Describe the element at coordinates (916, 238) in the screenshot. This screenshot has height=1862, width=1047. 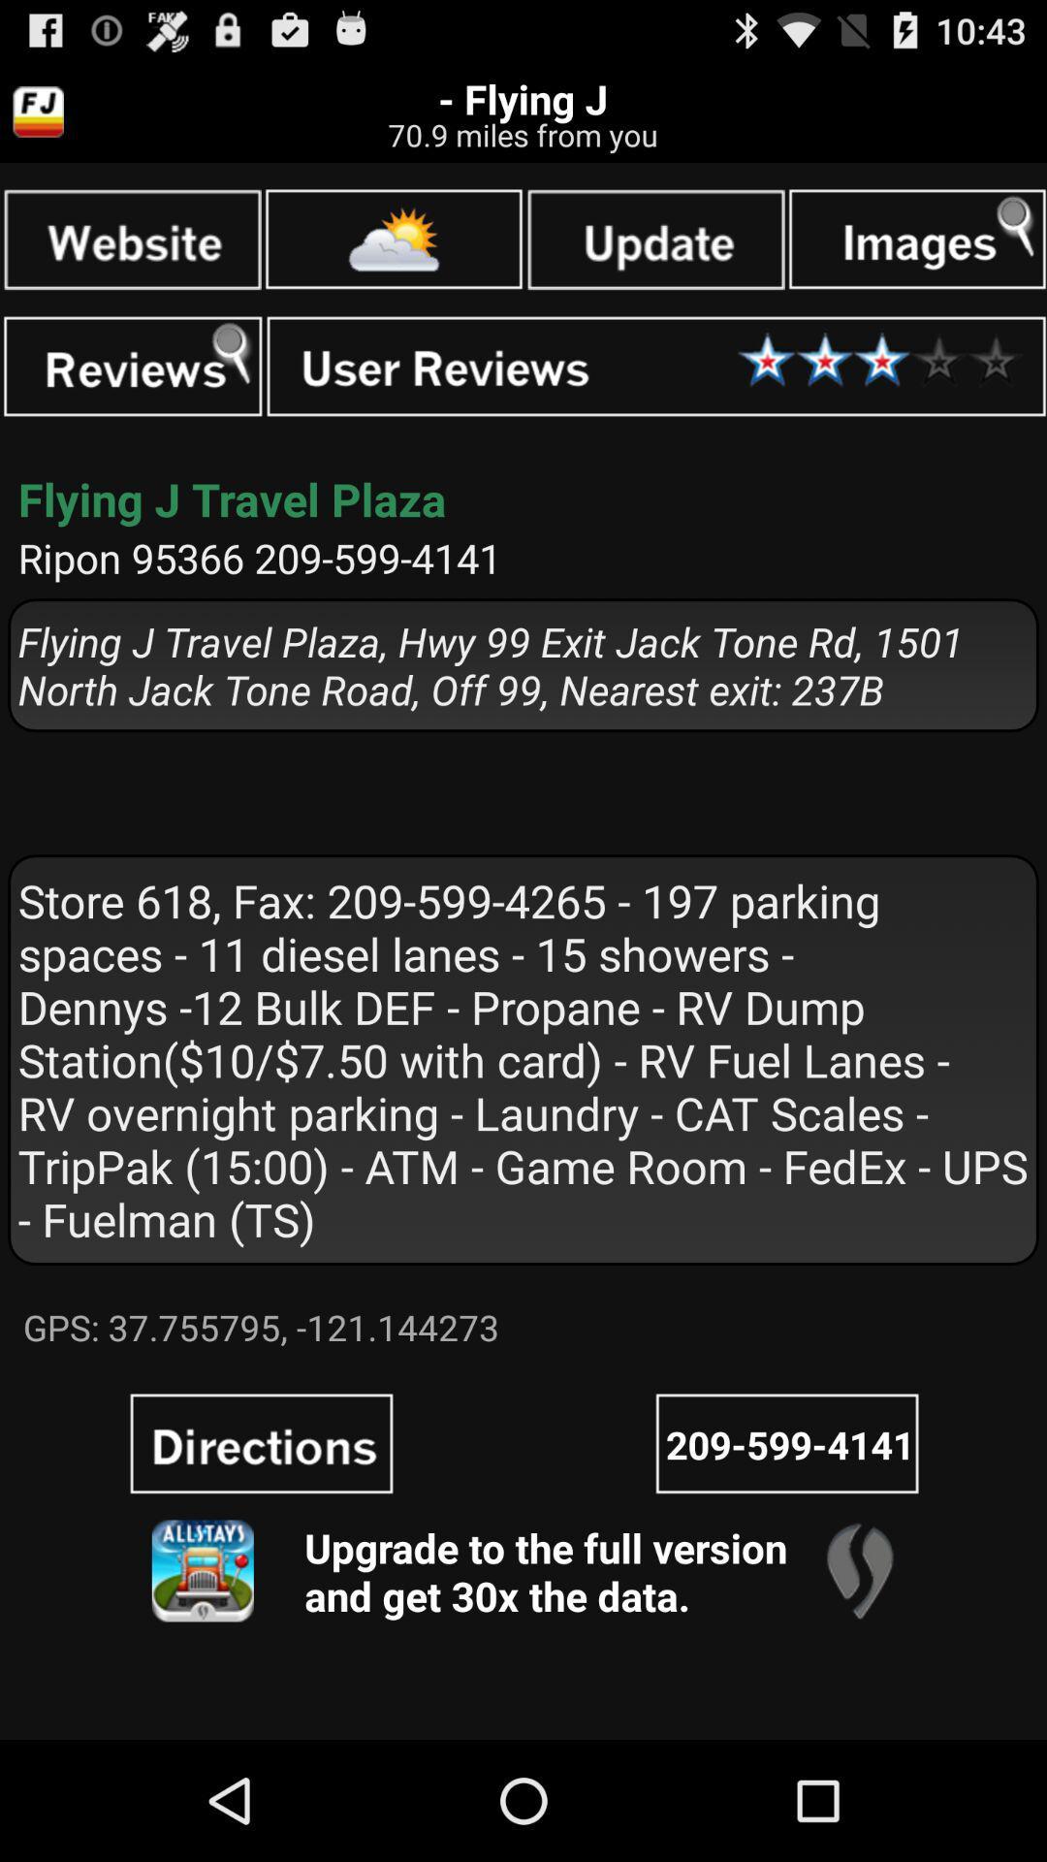
I see `press images button` at that location.